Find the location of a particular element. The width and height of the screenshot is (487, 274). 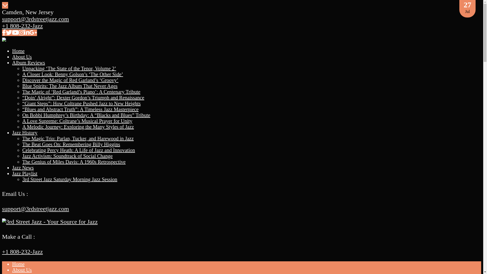

'Jazz News' is located at coordinates (23, 167).